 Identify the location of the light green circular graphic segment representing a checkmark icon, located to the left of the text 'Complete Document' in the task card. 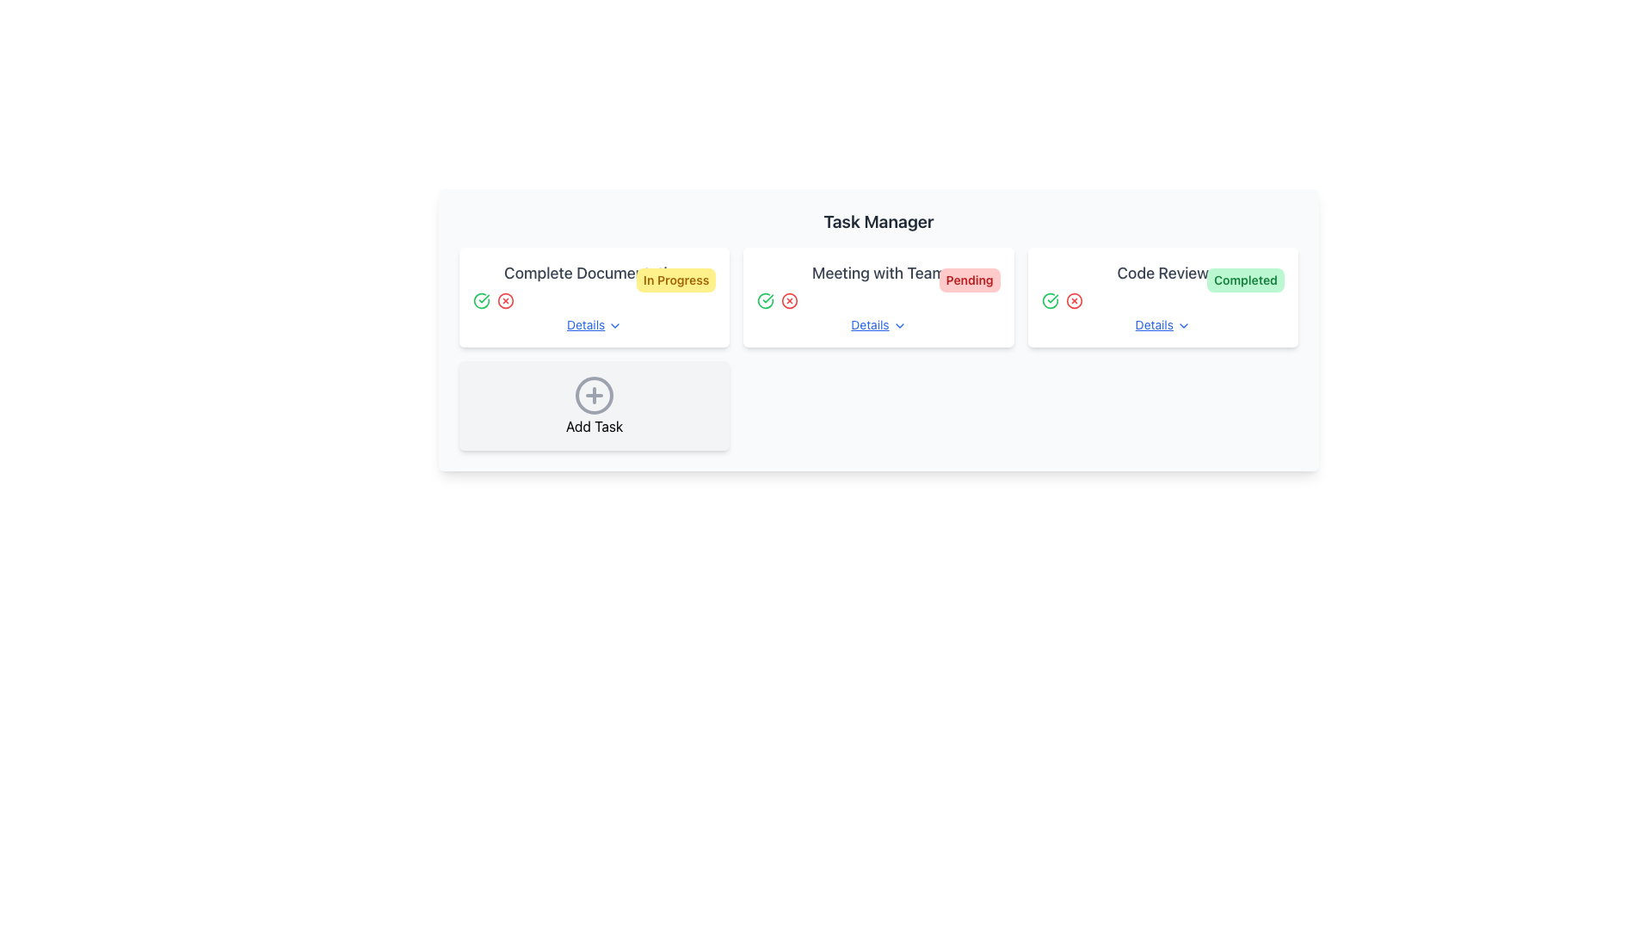
(482, 300).